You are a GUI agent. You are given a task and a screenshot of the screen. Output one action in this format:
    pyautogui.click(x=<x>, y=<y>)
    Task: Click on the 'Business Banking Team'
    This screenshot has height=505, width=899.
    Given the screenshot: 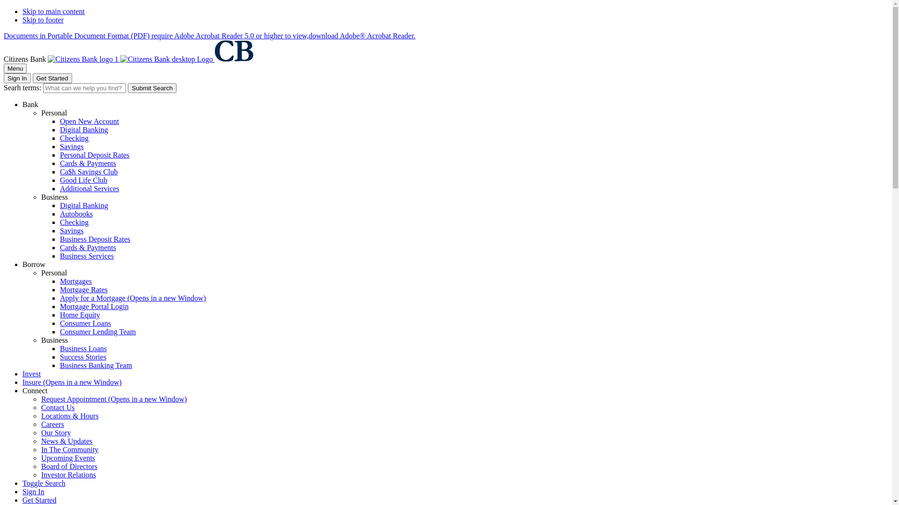 What is the action you would take?
    pyautogui.click(x=96, y=365)
    